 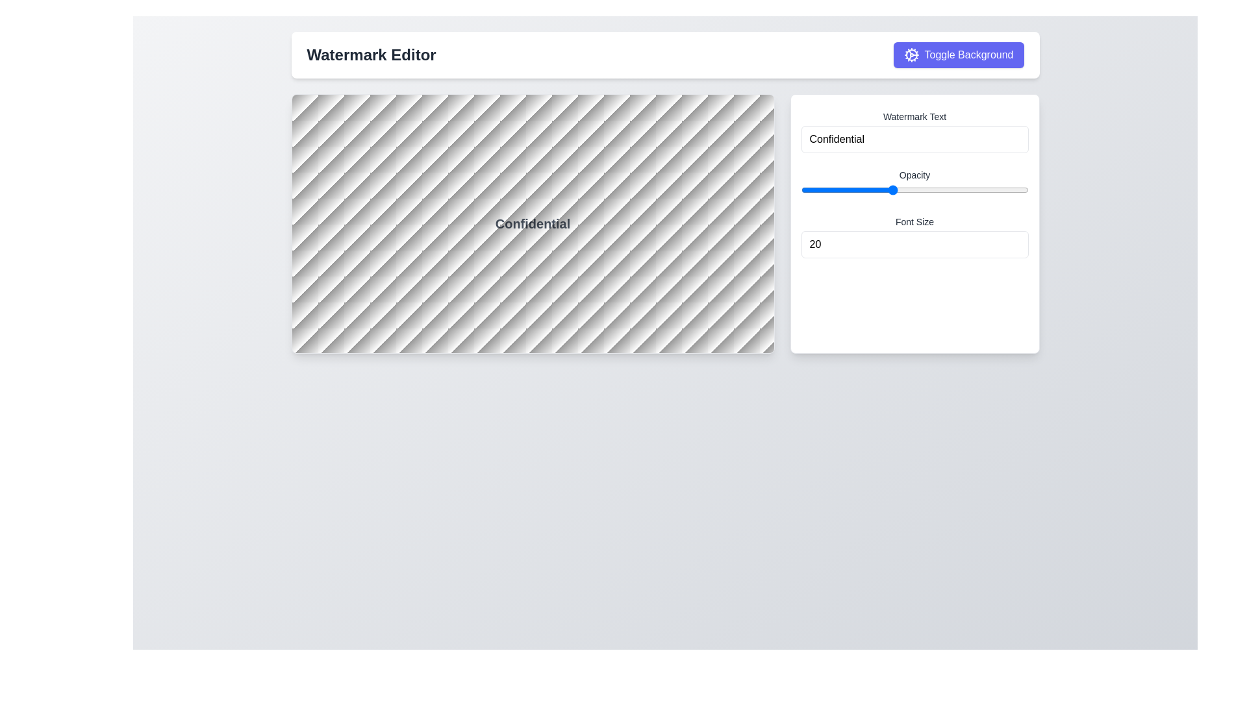 I want to click on the Text label that serves as a title for the input field labeled 'Confidential' in the upper-right section of the settings panel, so click(x=914, y=117).